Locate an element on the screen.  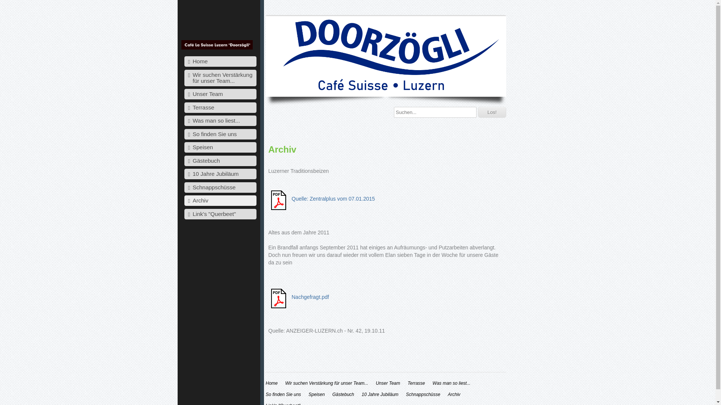
'Home' is located at coordinates (272, 383).